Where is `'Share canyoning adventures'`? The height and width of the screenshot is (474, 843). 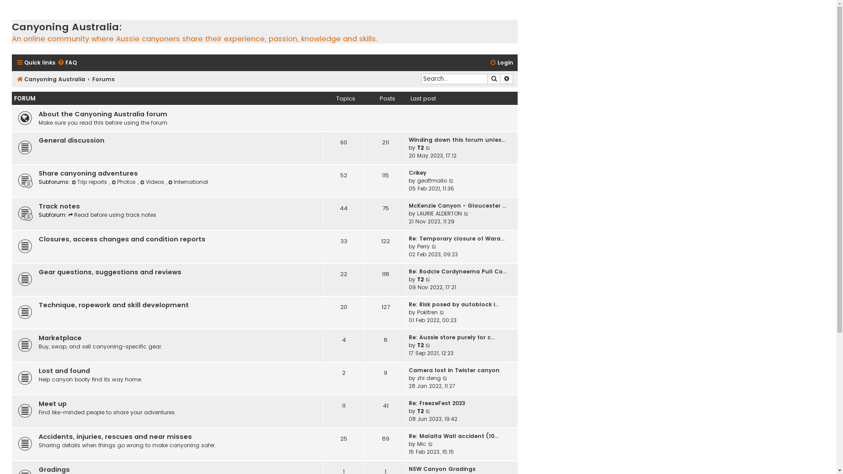 'Share canyoning adventures' is located at coordinates (88, 174).